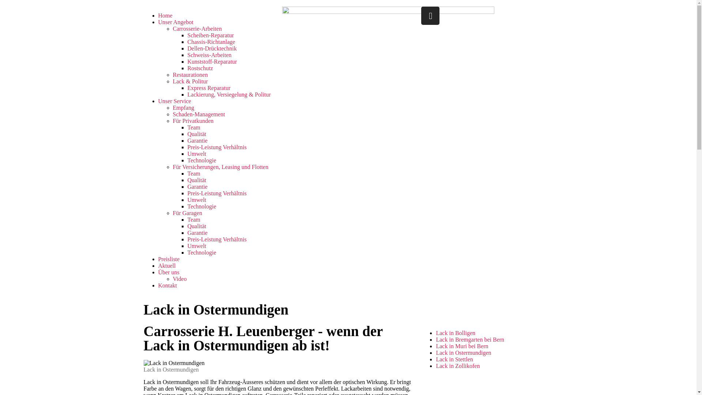 The width and height of the screenshot is (702, 395). Describe the element at coordinates (435, 346) in the screenshot. I see `'Lack in Muri bei Bern'` at that location.